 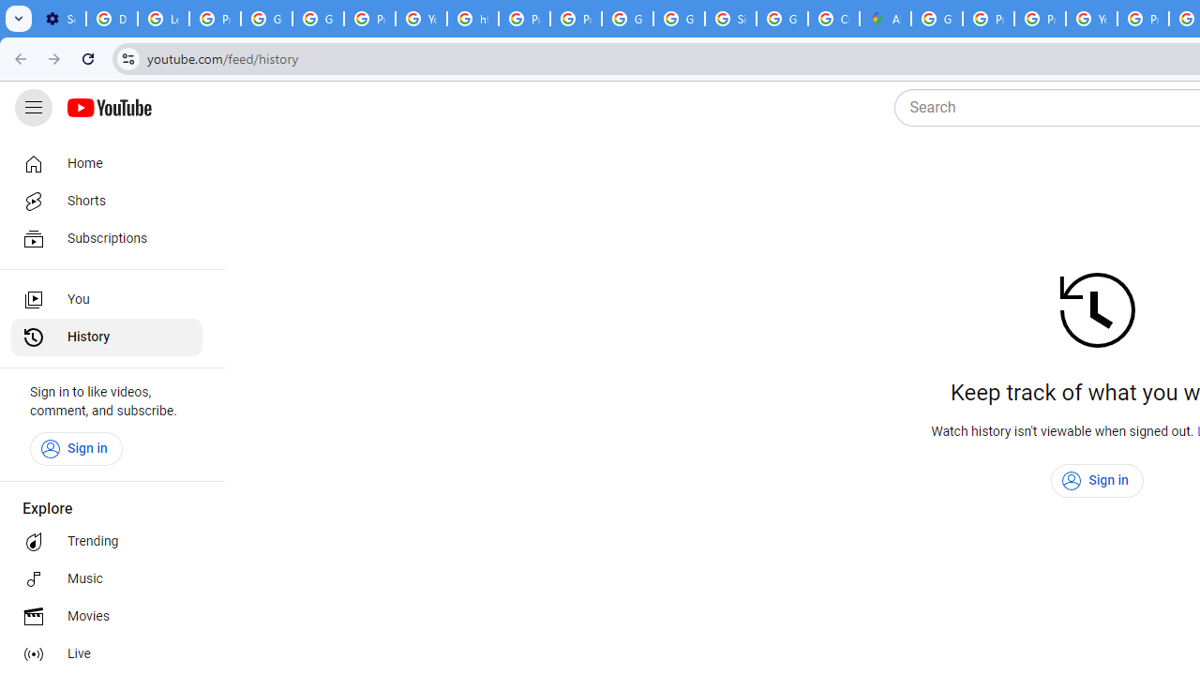 What do you see at coordinates (108, 108) in the screenshot?
I see `'YouTube Home'` at bounding box center [108, 108].